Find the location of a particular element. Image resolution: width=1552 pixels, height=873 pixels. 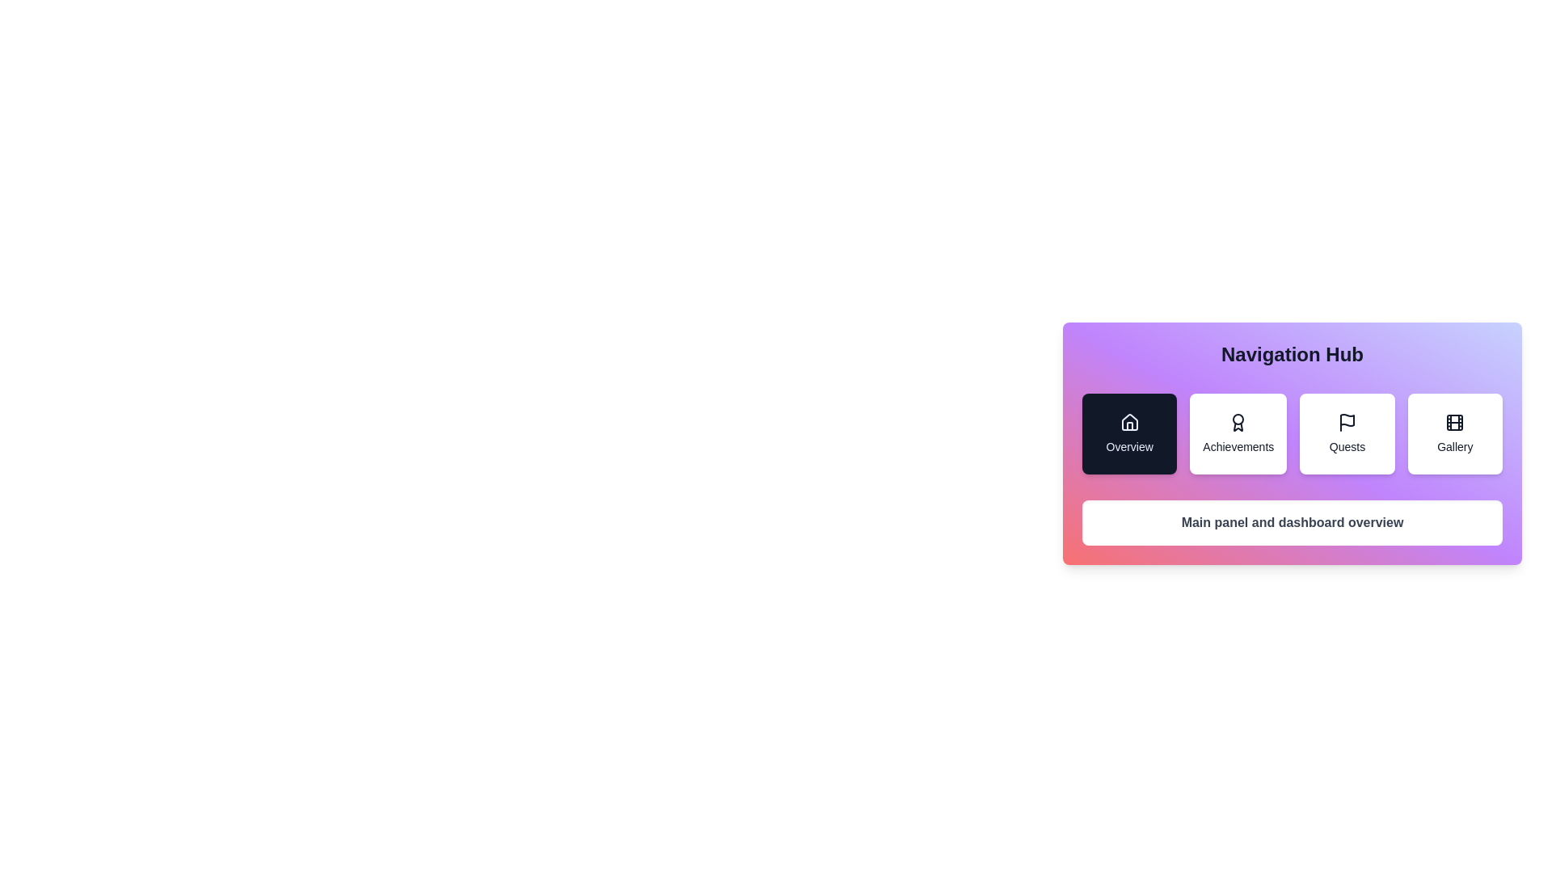

the 'Achievements' button, which is the second button from the left in the navigation section, featuring an award icon above the text 'Achievements' is located at coordinates (1238, 432).